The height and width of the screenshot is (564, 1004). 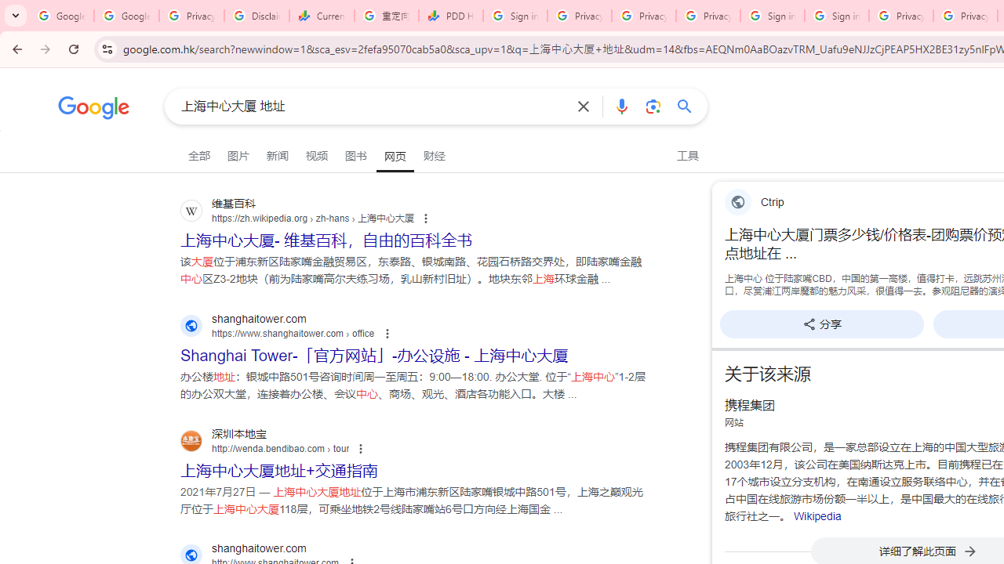 I want to click on 'Currencies - Google Finance', so click(x=321, y=16).